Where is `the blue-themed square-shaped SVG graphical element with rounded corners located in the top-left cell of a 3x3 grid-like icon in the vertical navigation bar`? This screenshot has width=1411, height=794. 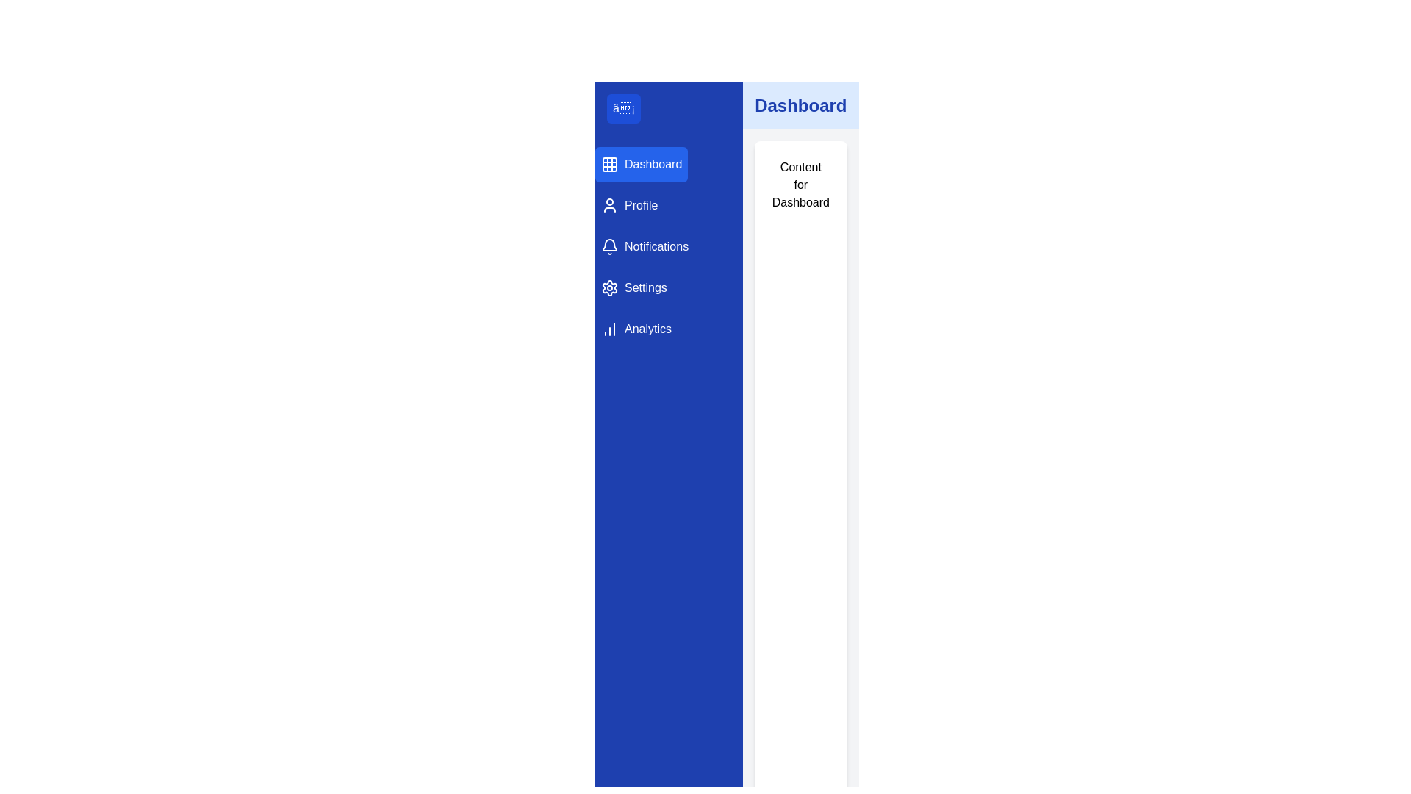 the blue-themed square-shaped SVG graphical element with rounded corners located in the top-left cell of a 3x3 grid-like icon in the vertical navigation bar is located at coordinates (610, 164).